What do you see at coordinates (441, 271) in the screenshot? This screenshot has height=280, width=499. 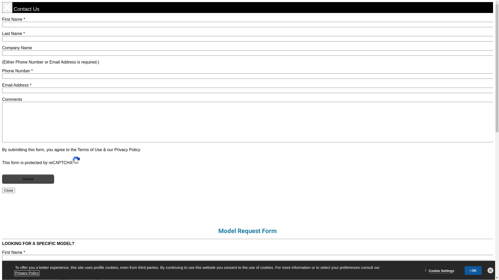 I see `'Cookie Settings'` at bounding box center [441, 271].